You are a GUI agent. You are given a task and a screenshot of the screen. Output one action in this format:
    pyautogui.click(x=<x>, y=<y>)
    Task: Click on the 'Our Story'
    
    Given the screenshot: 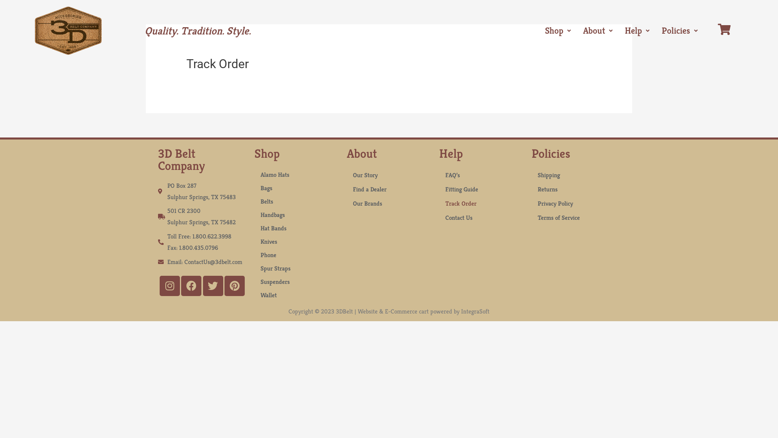 What is the action you would take?
    pyautogui.click(x=389, y=174)
    